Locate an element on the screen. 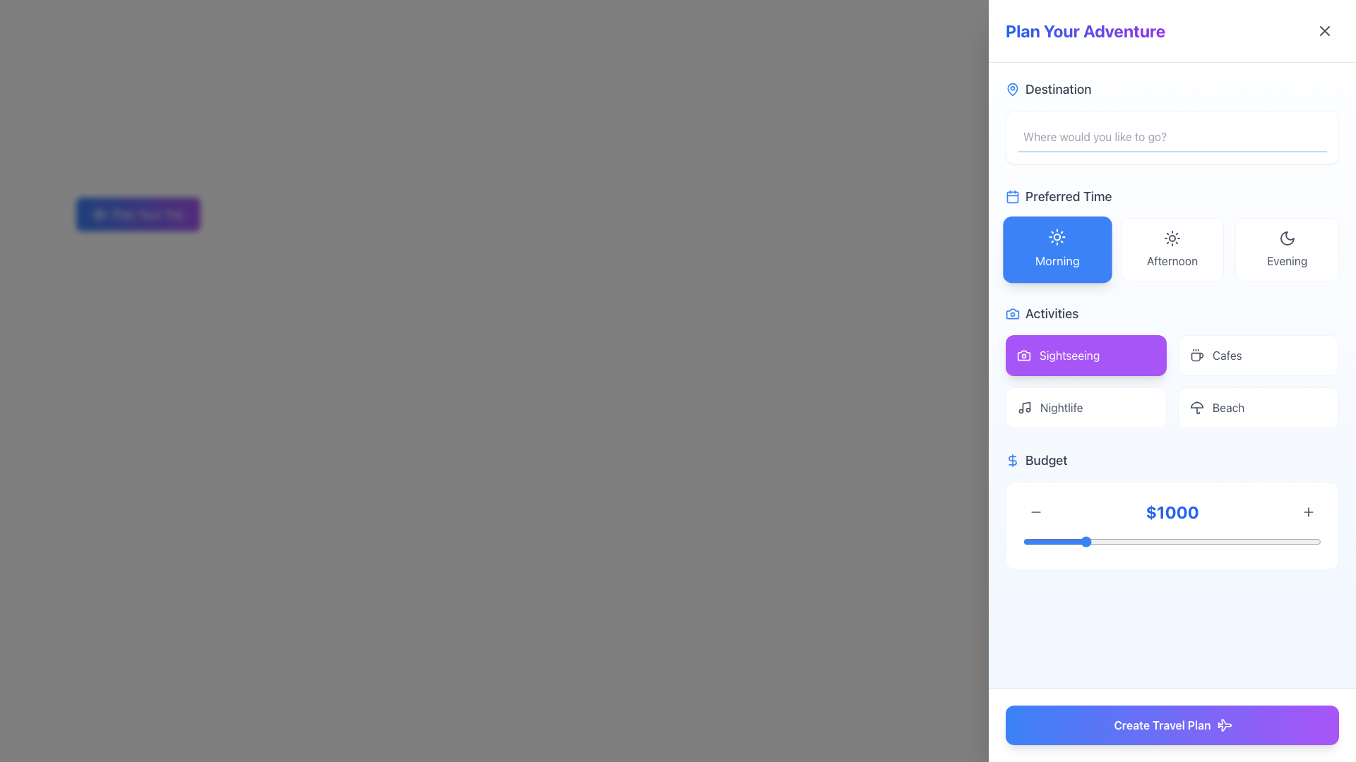 This screenshot has width=1356, height=762. the text display that shows the value '$1000' in bold blue font, which is centered between a minus and a plus symbol is located at coordinates (1172, 512).